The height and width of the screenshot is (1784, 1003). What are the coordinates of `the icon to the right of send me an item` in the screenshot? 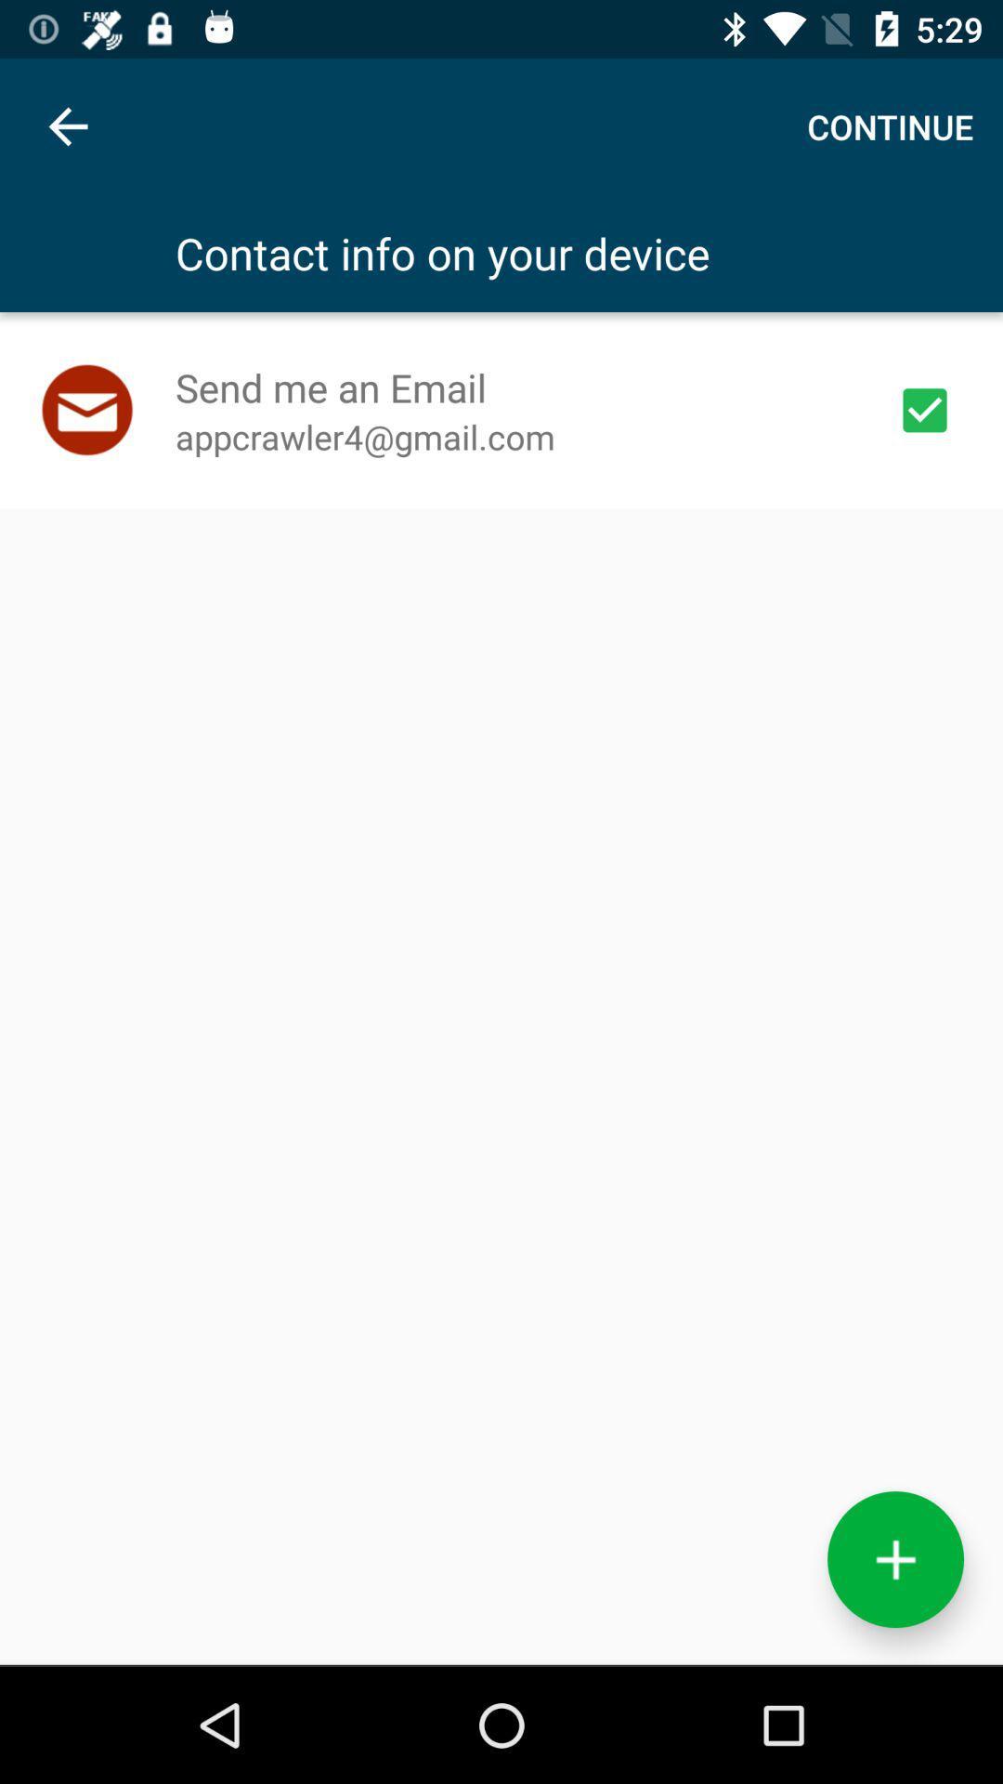 It's located at (924, 409).